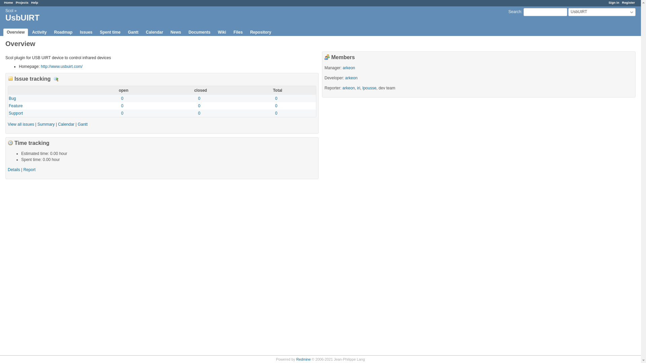  Describe the element at coordinates (214, 32) in the screenshot. I see `'Wiki'` at that location.